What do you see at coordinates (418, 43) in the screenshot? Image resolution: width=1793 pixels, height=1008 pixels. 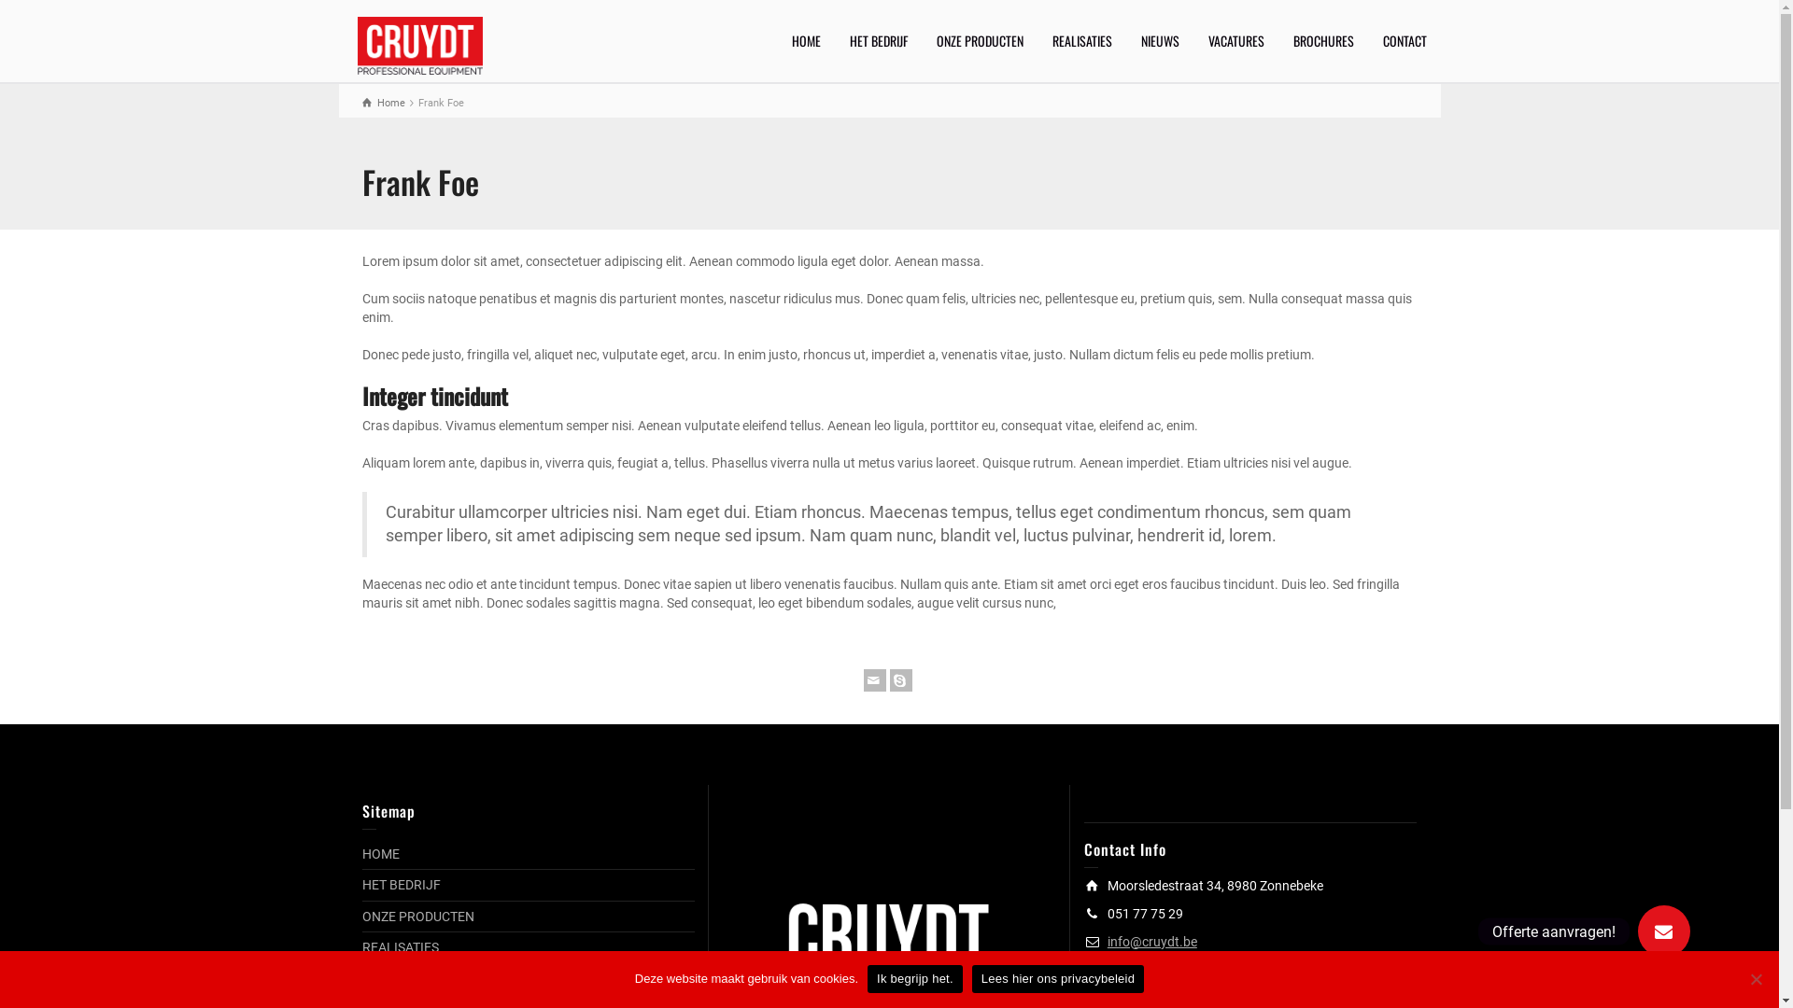 I see `'Cruydt - Professional Equipment'` at bounding box center [418, 43].